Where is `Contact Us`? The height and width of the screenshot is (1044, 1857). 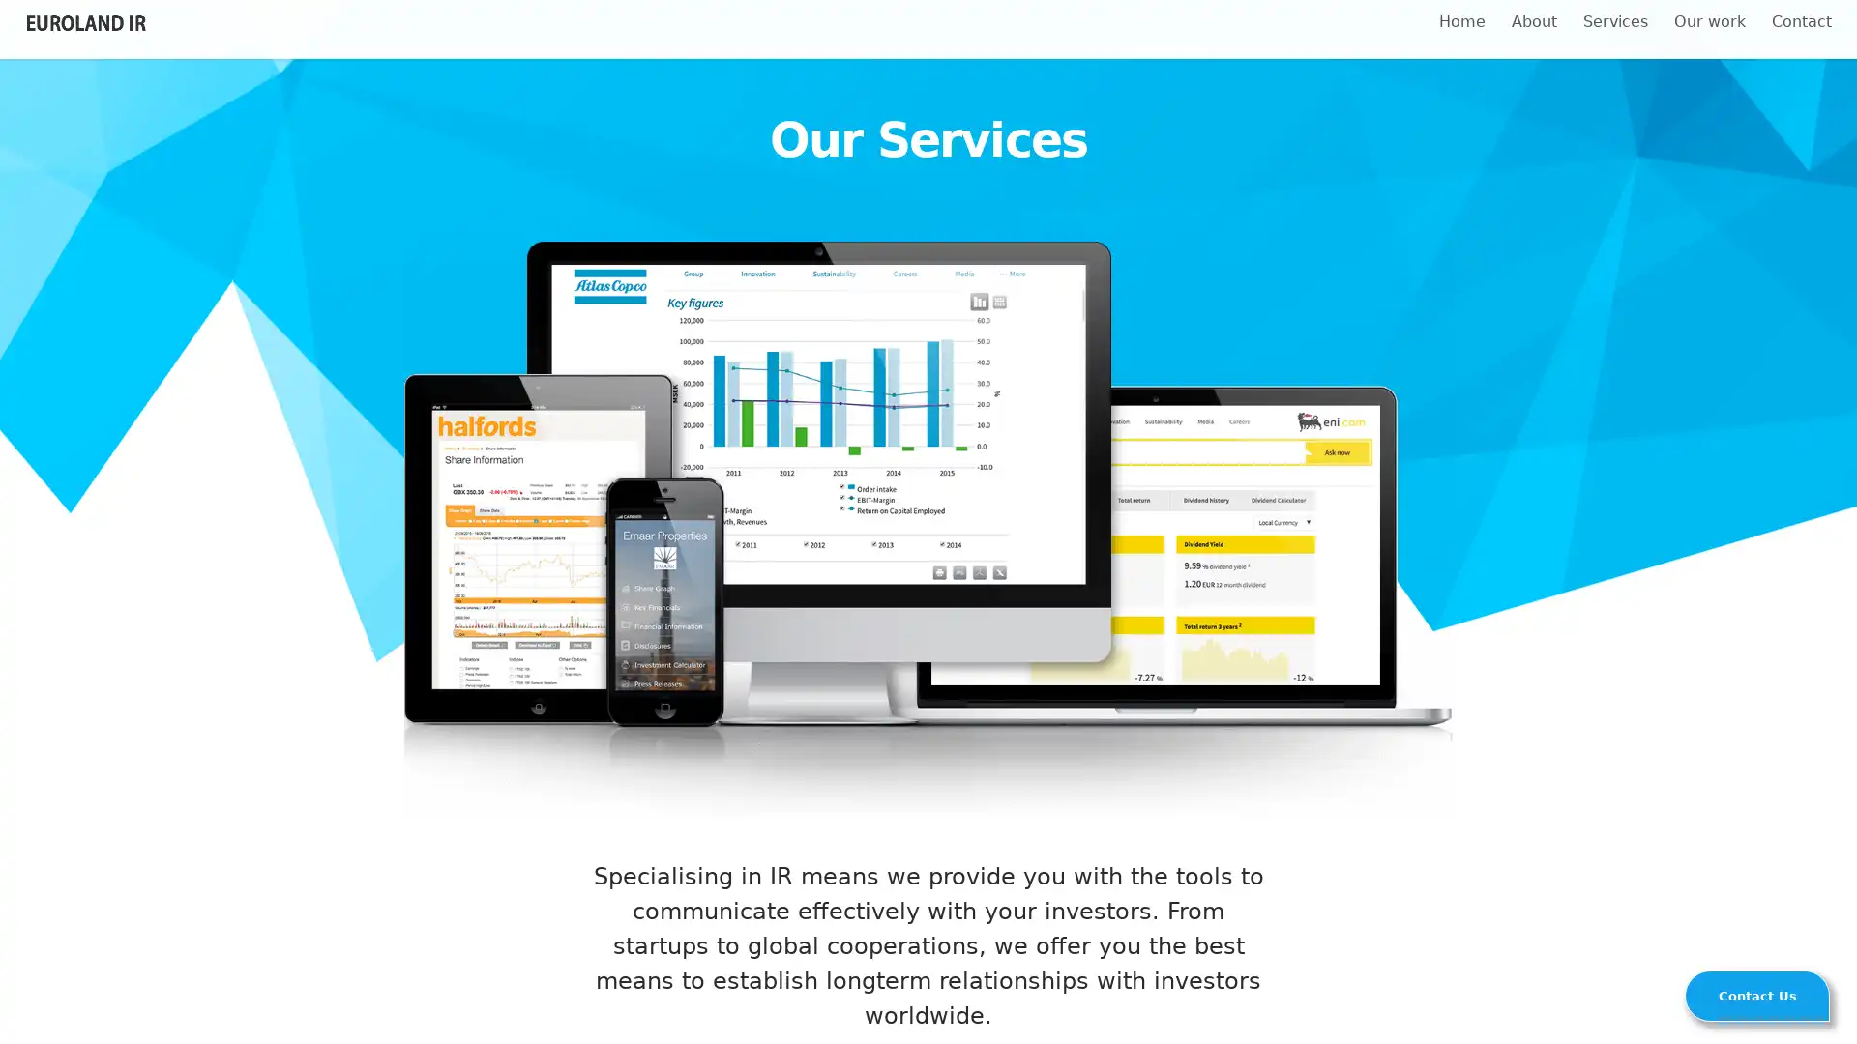
Contact Us is located at coordinates (1757, 995).